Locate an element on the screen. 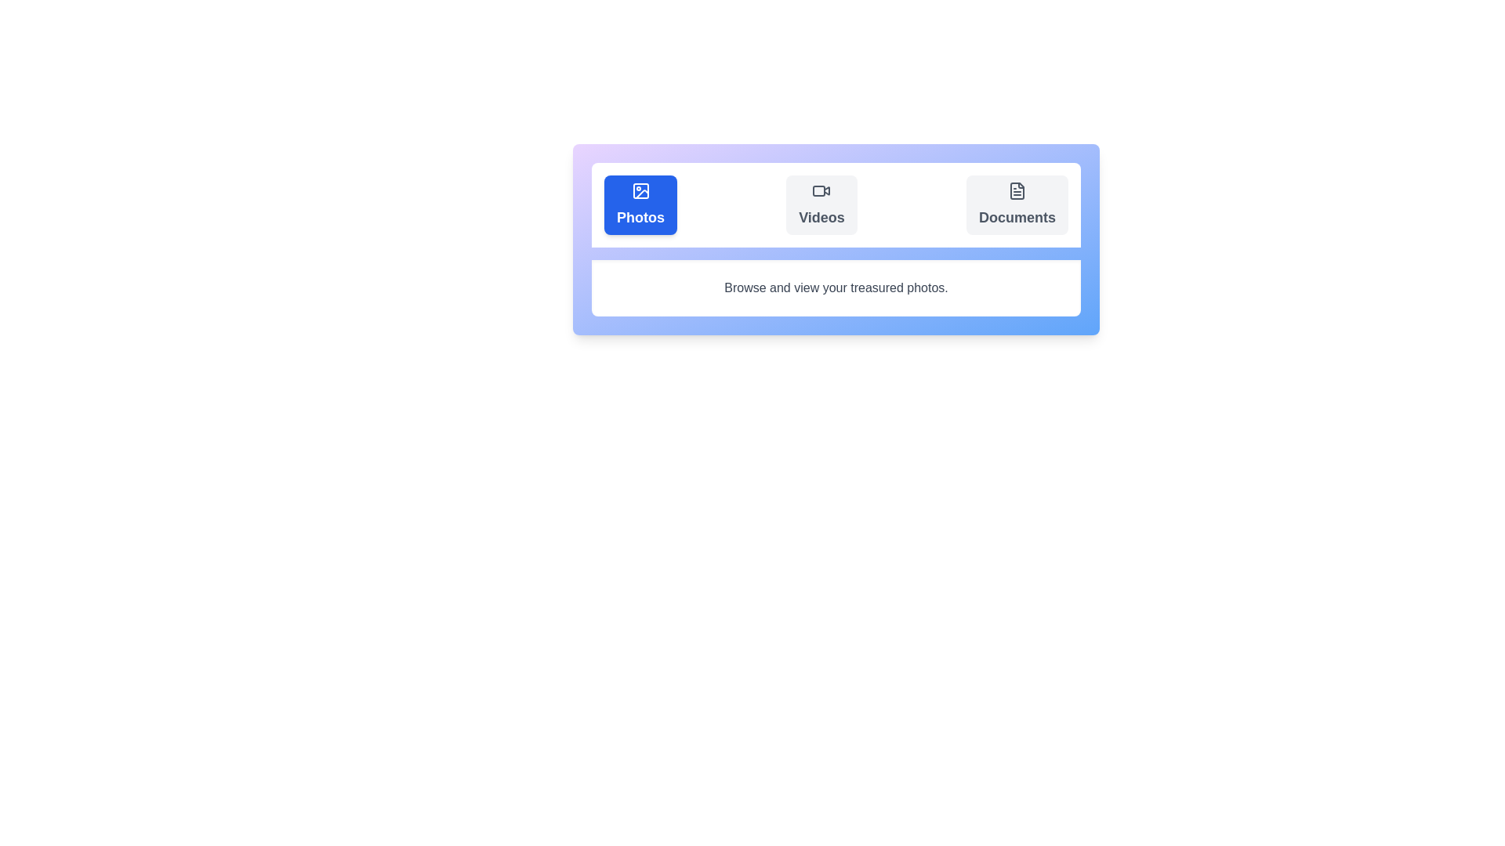 Image resolution: width=1505 pixels, height=846 pixels. the 'Photos' button, which contains a small icon resembling an image or photo with white lines against a blue background, located at the top-left corner of the button is located at coordinates (640, 190).